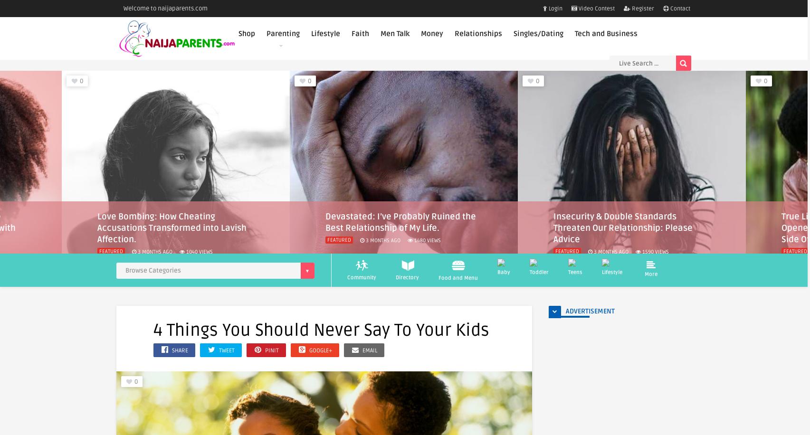 This screenshot has width=810, height=435. I want to click on 'Devastated: I’ve Probably Ruined the Best Relationship of My Life.', so click(172, 222).